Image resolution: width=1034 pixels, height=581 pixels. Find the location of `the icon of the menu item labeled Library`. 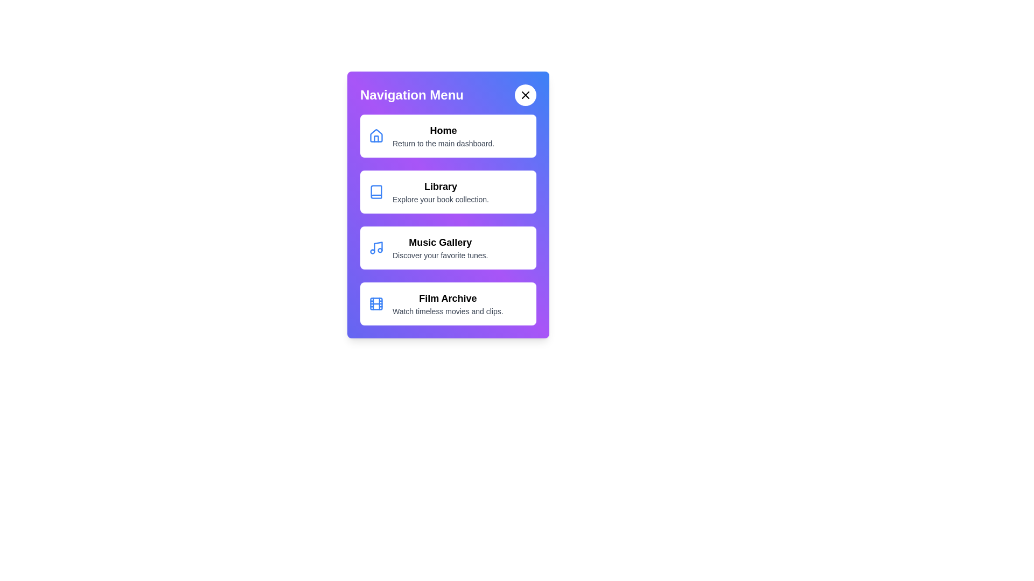

the icon of the menu item labeled Library is located at coordinates (376, 192).